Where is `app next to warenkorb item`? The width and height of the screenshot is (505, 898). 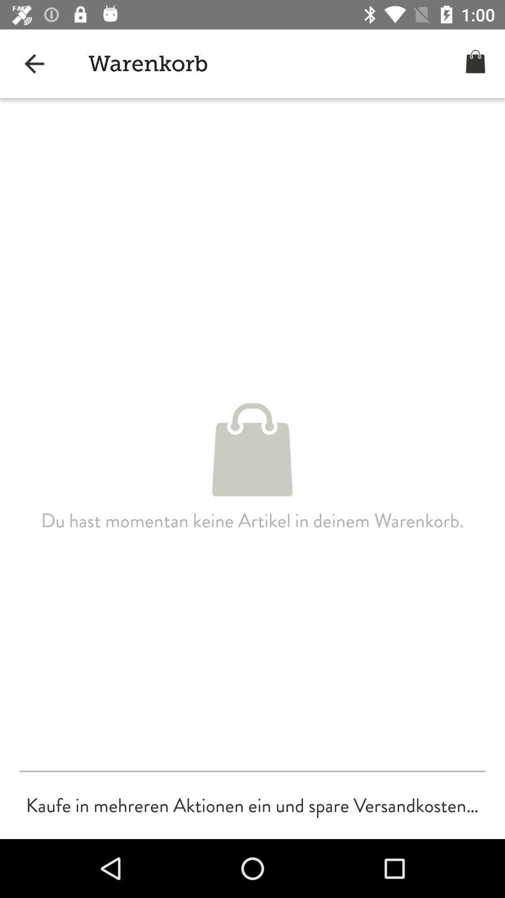
app next to warenkorb item is located at coordinates (34, 63).